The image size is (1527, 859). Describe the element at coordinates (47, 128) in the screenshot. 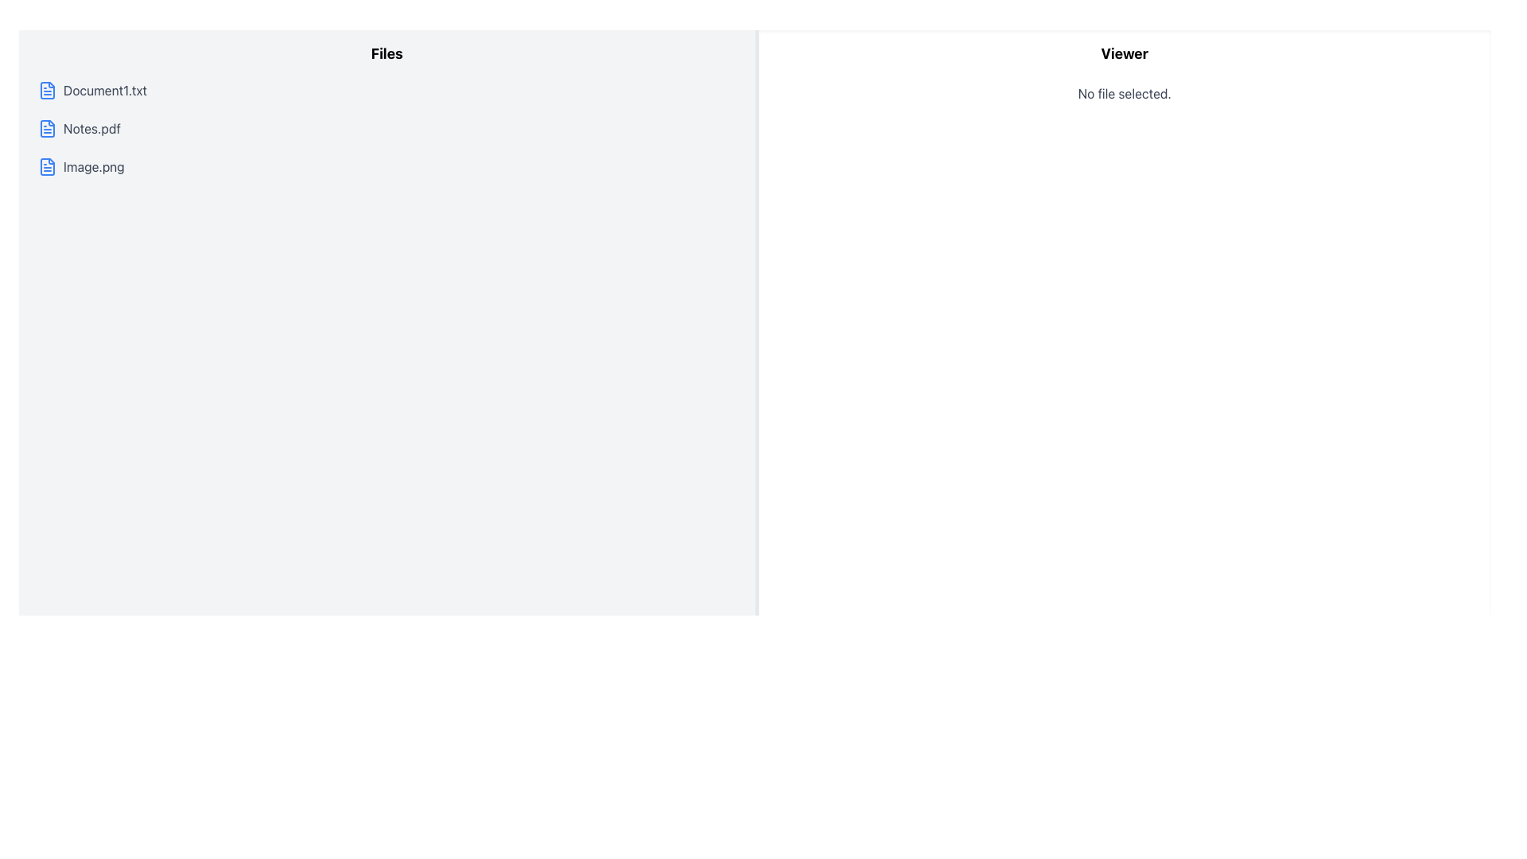

I see `the icon representing the second listed file in the left column that visually indicates the file type or category` at that location.